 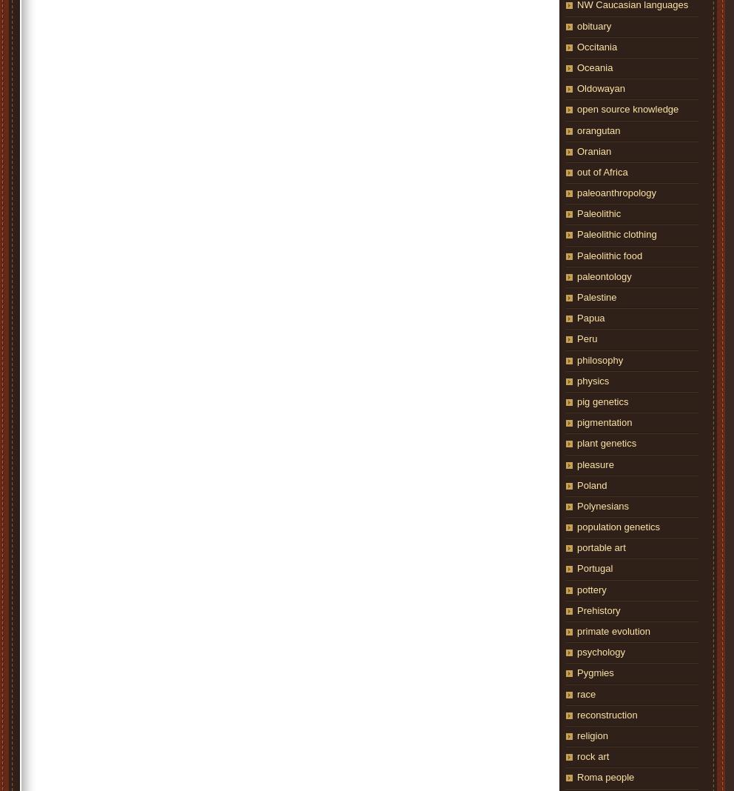 I want to click on 'Prehistory', so click(x=598, y=609).